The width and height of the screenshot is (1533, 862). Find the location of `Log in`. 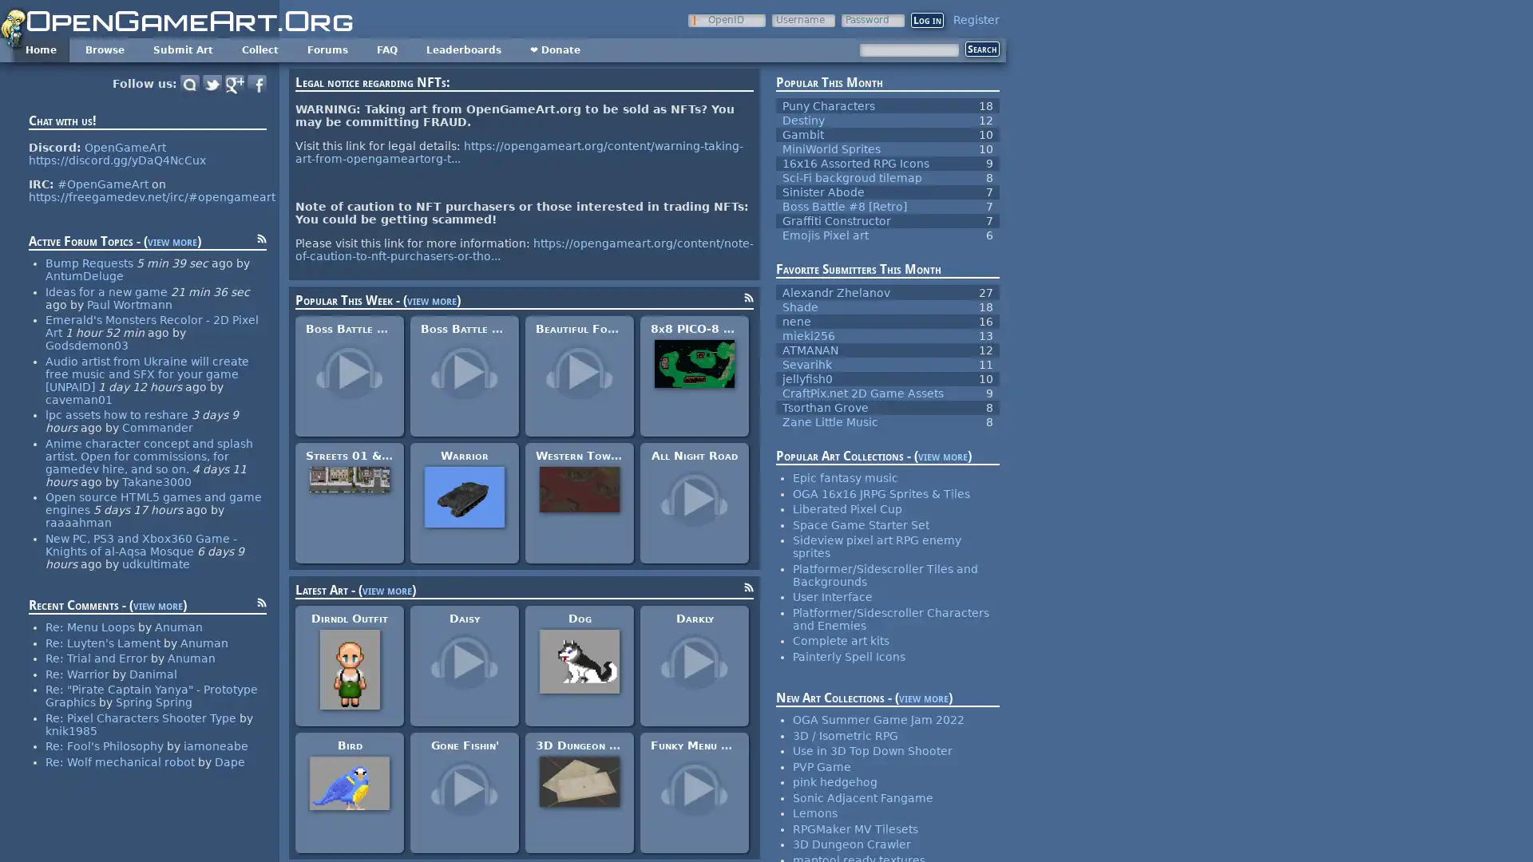

Log in is located at coordinates (927, 20).